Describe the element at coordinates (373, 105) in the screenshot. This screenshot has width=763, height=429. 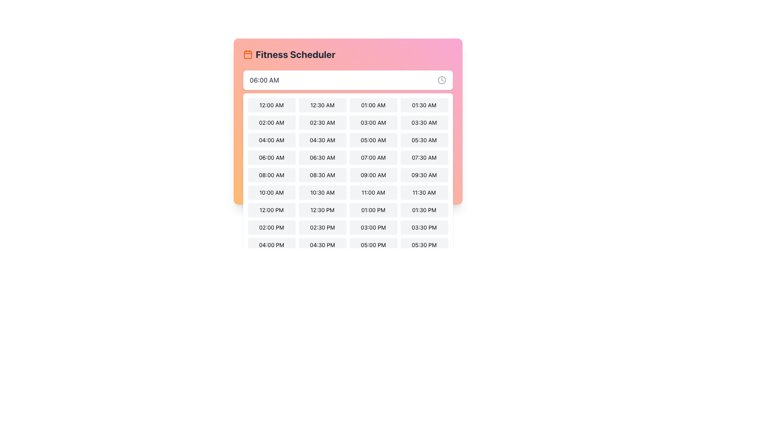
I see `the third button in the first row of the schedule picker dropdown` at that location.